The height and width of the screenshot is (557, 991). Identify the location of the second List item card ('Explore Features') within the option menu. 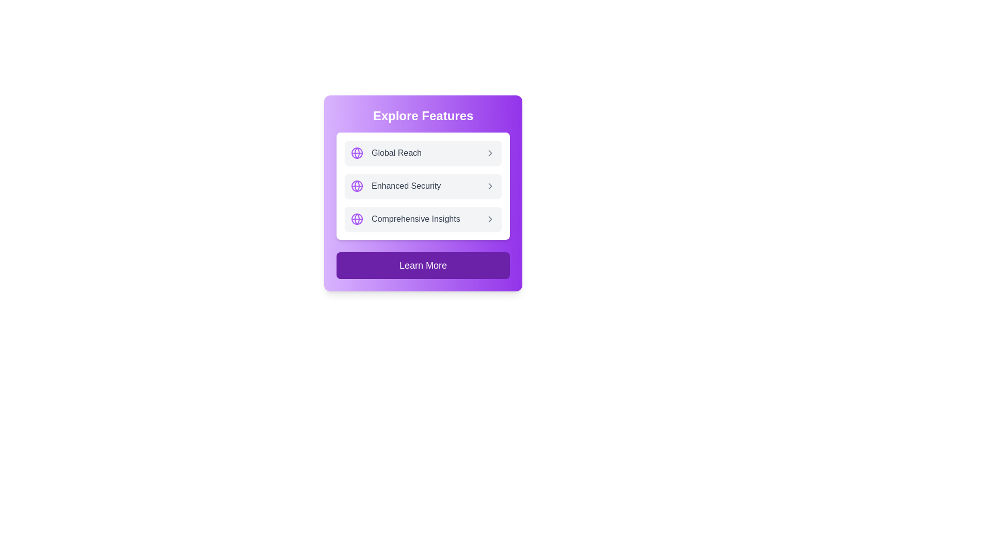
(423, 193).